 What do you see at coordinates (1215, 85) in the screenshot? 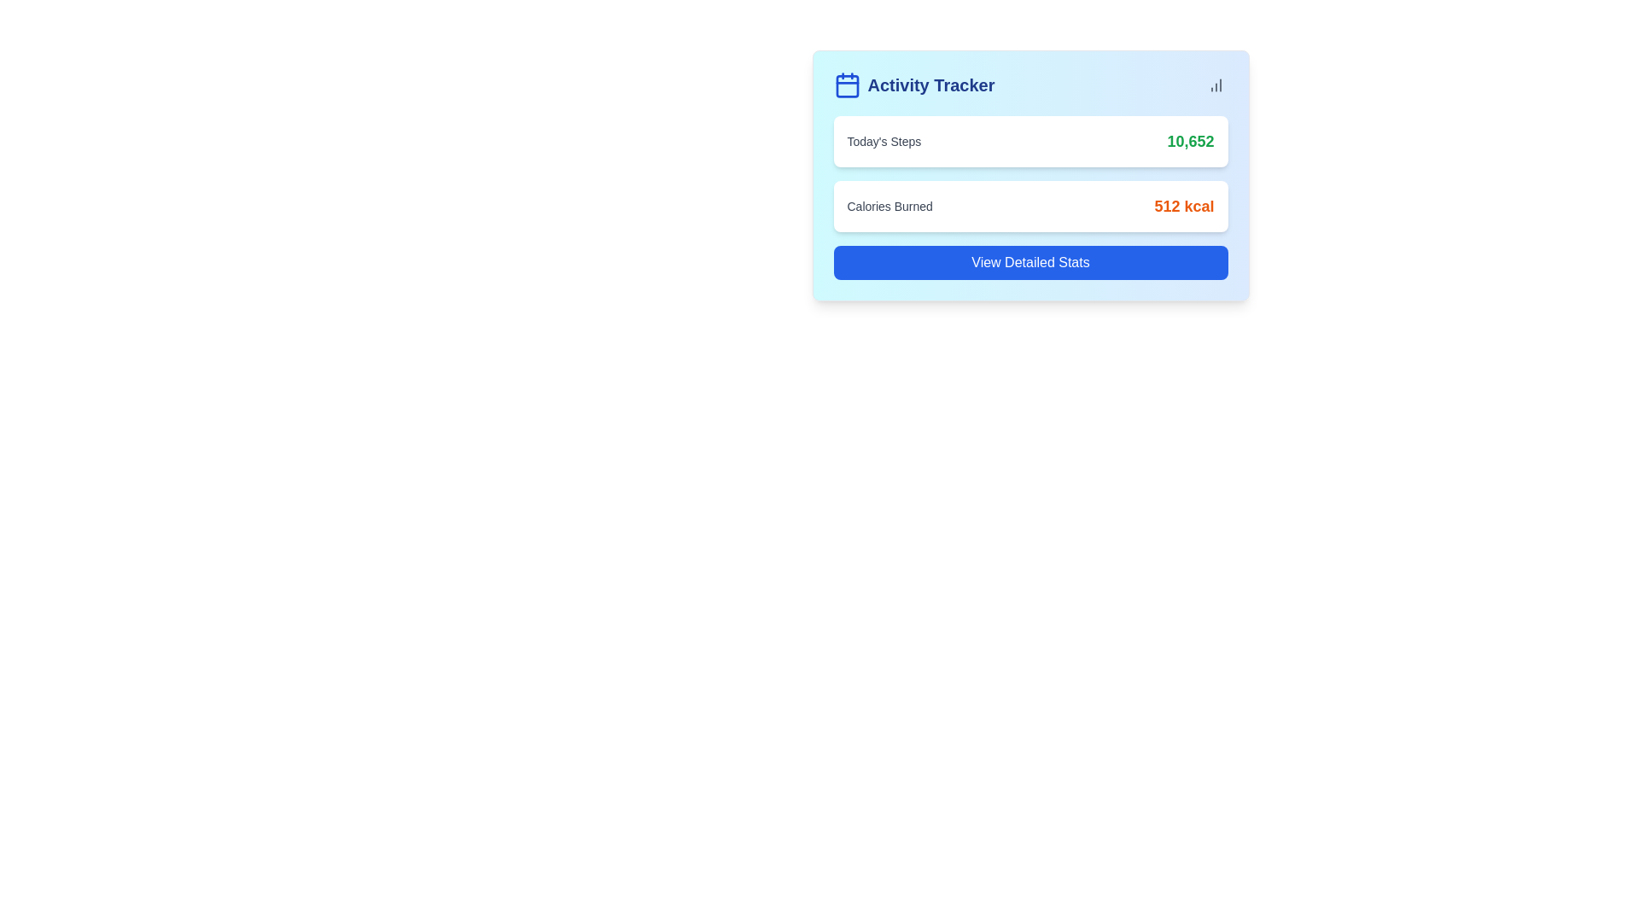
I see `the circular button with a chart icon located in the top-right corner of the 'Activity Tracker' header` at bounding box center [1215, 85].